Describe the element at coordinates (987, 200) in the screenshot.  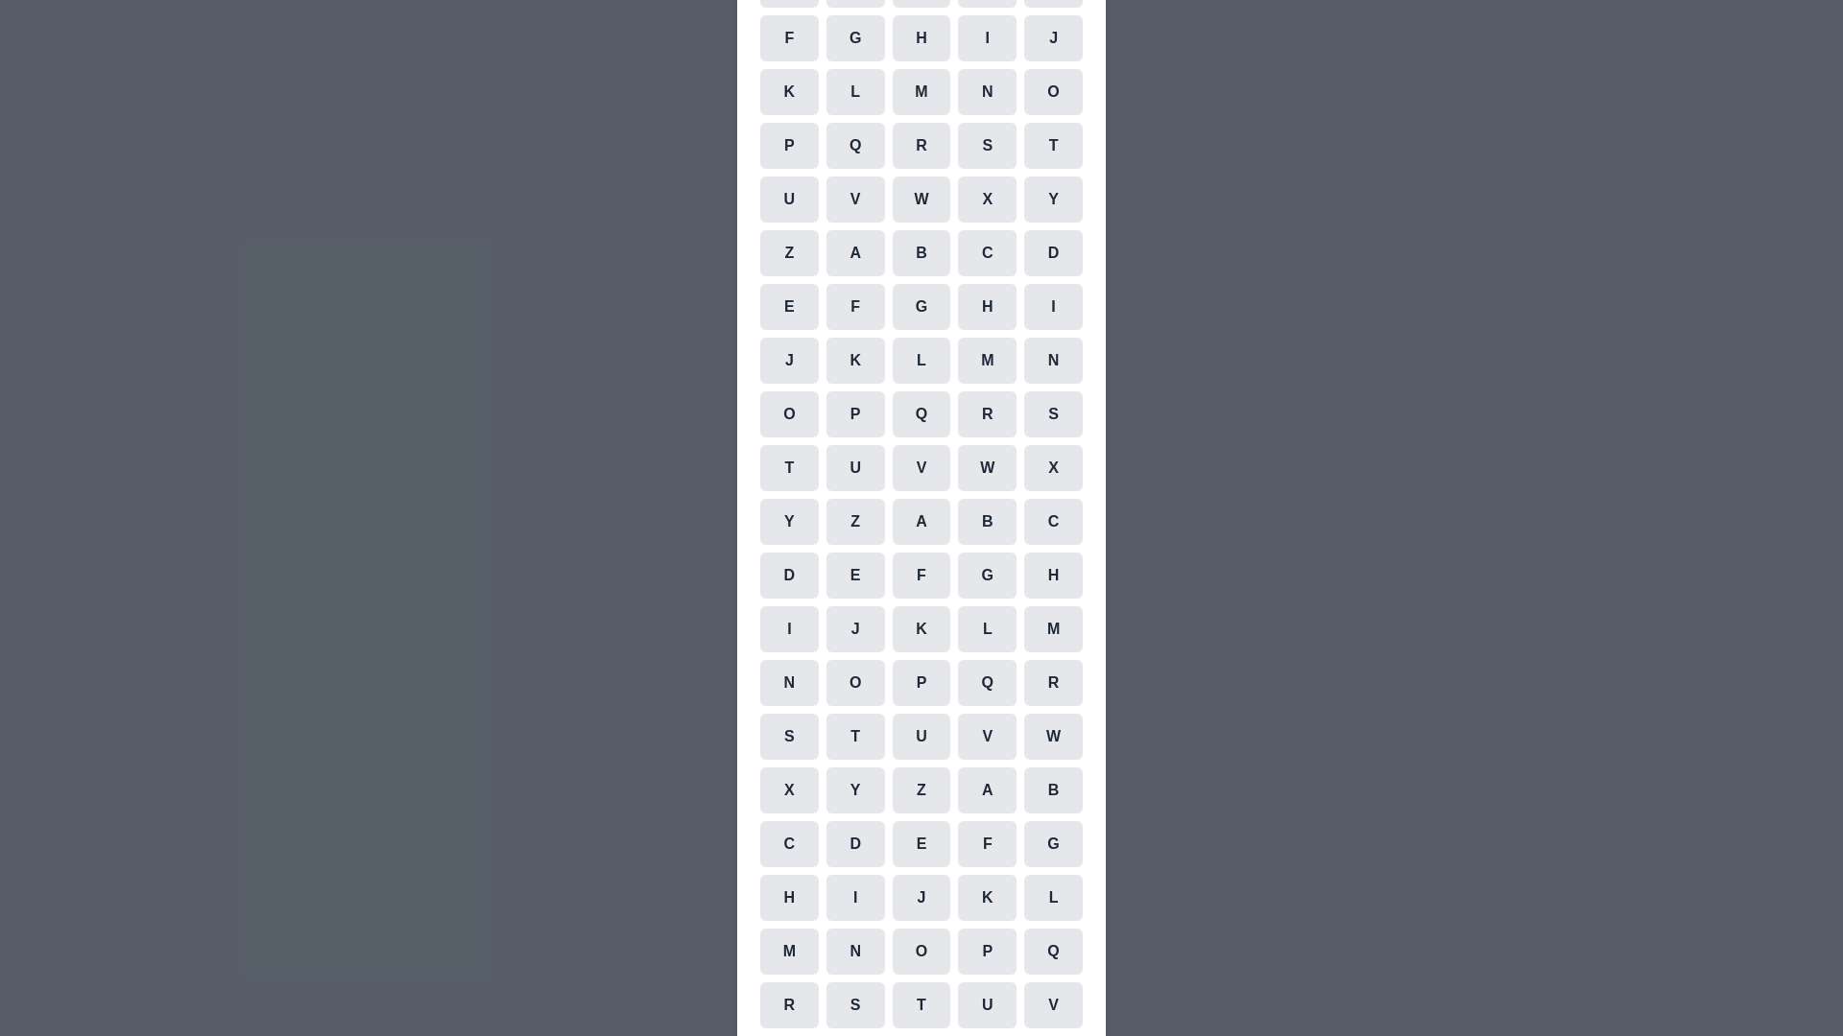
I see `the cell representing the character X` at that location.